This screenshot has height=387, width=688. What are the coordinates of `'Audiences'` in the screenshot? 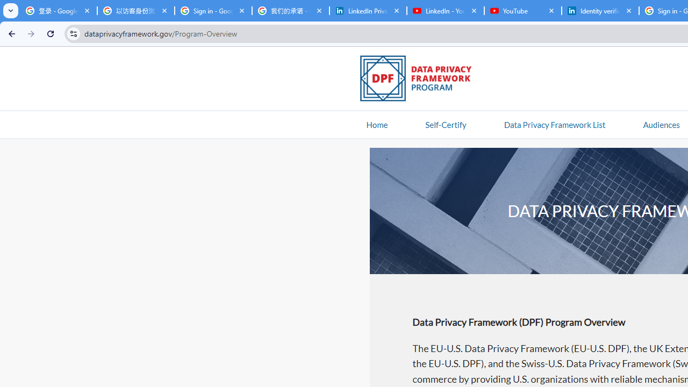 It's located at (661, 124).